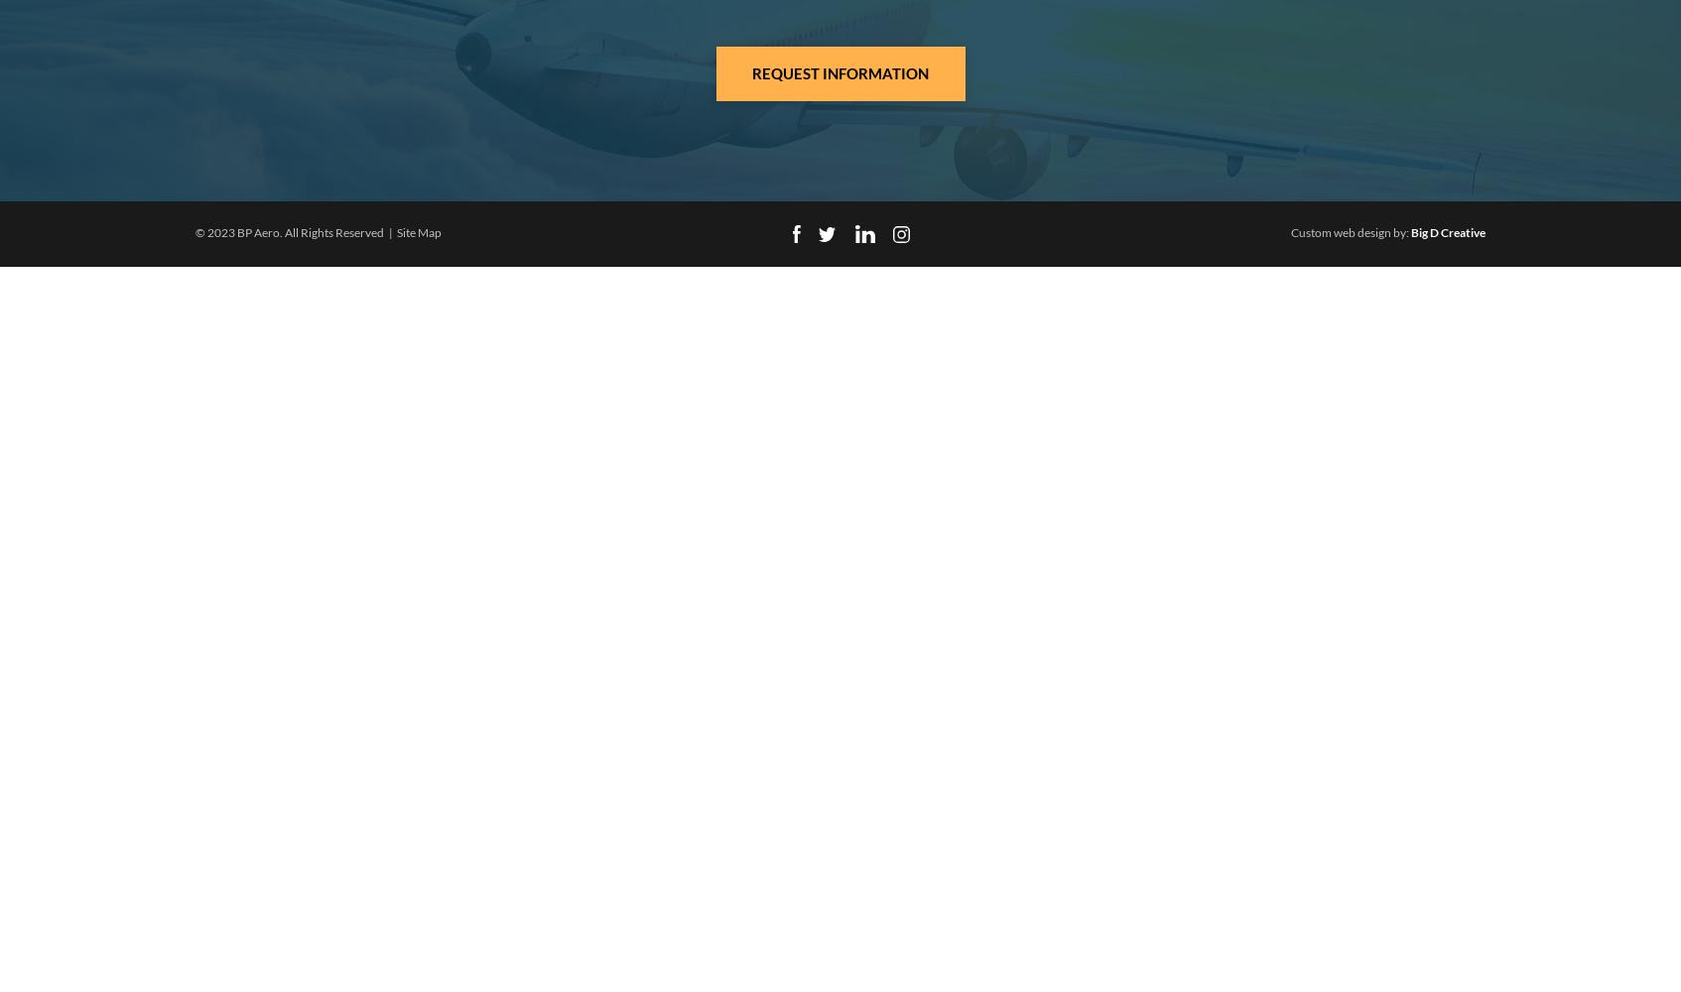 This screenshot has height=992, width=1681. What do you see at coordinates (418, 231) in the screenshot?
I see `'Site Map'` at bounding box center [418, 231].